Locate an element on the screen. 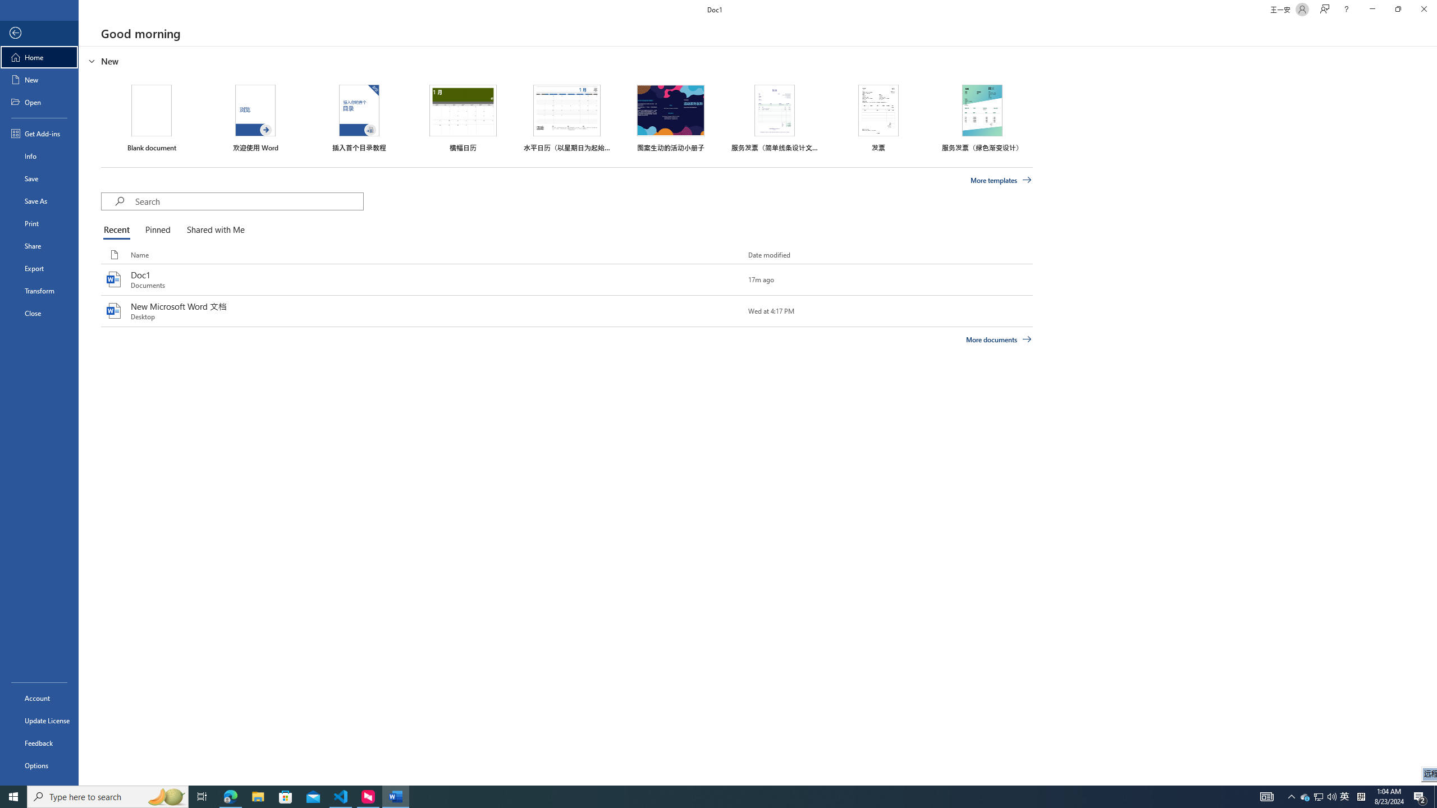 This screenshot has width=1437, height=808. 'Account' is located at coordinates (39, 698).